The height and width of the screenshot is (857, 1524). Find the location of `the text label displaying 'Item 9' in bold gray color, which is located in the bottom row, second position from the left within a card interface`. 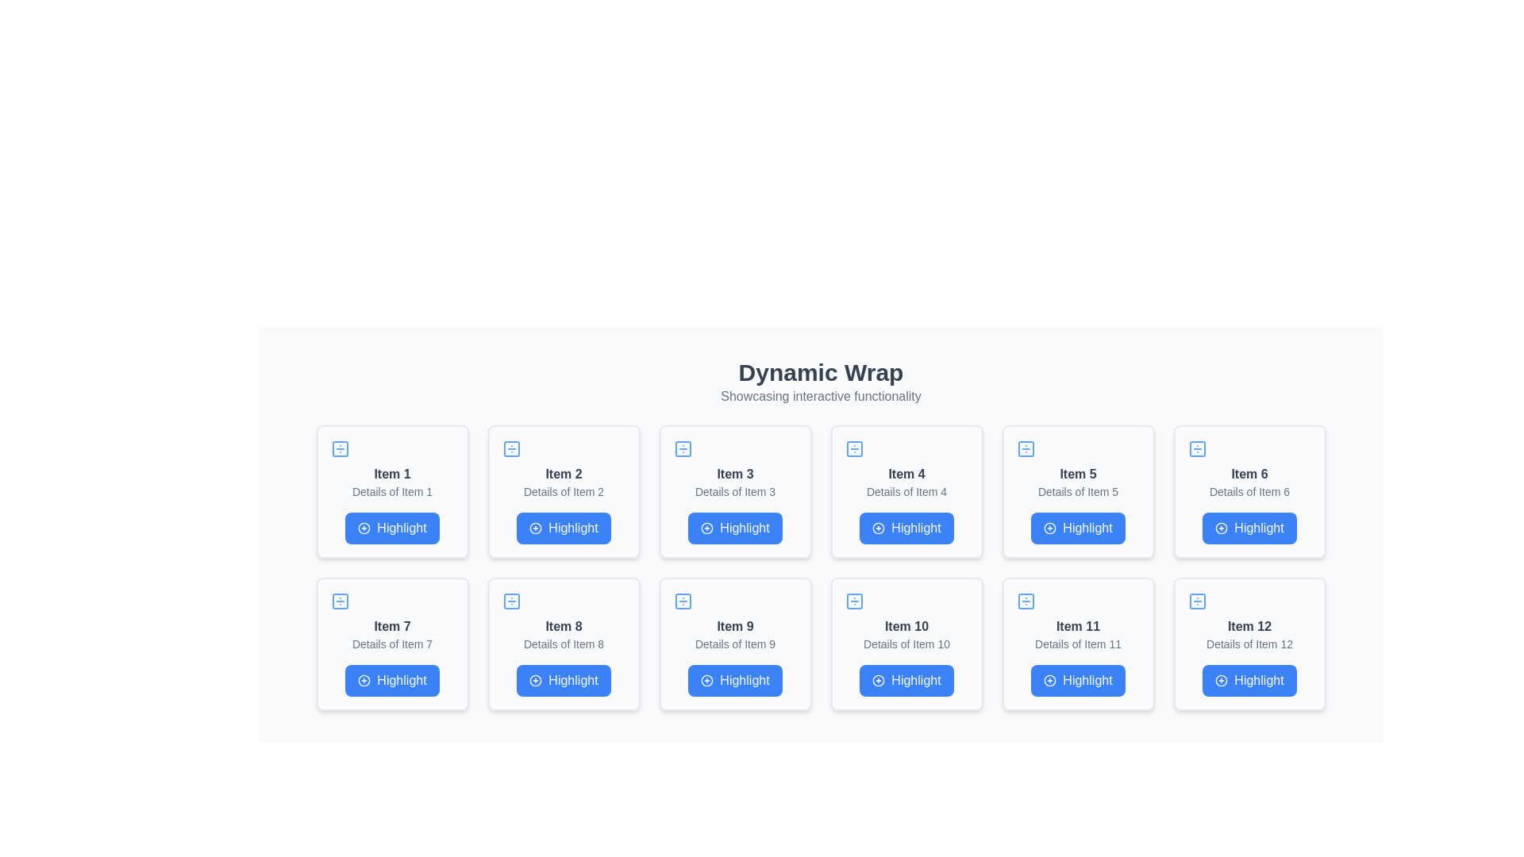

the text label displaying 'Item 9' in bold gray color, which is located in the bottom row, second position from the left within a card interface is located at coordinates (734, 626).